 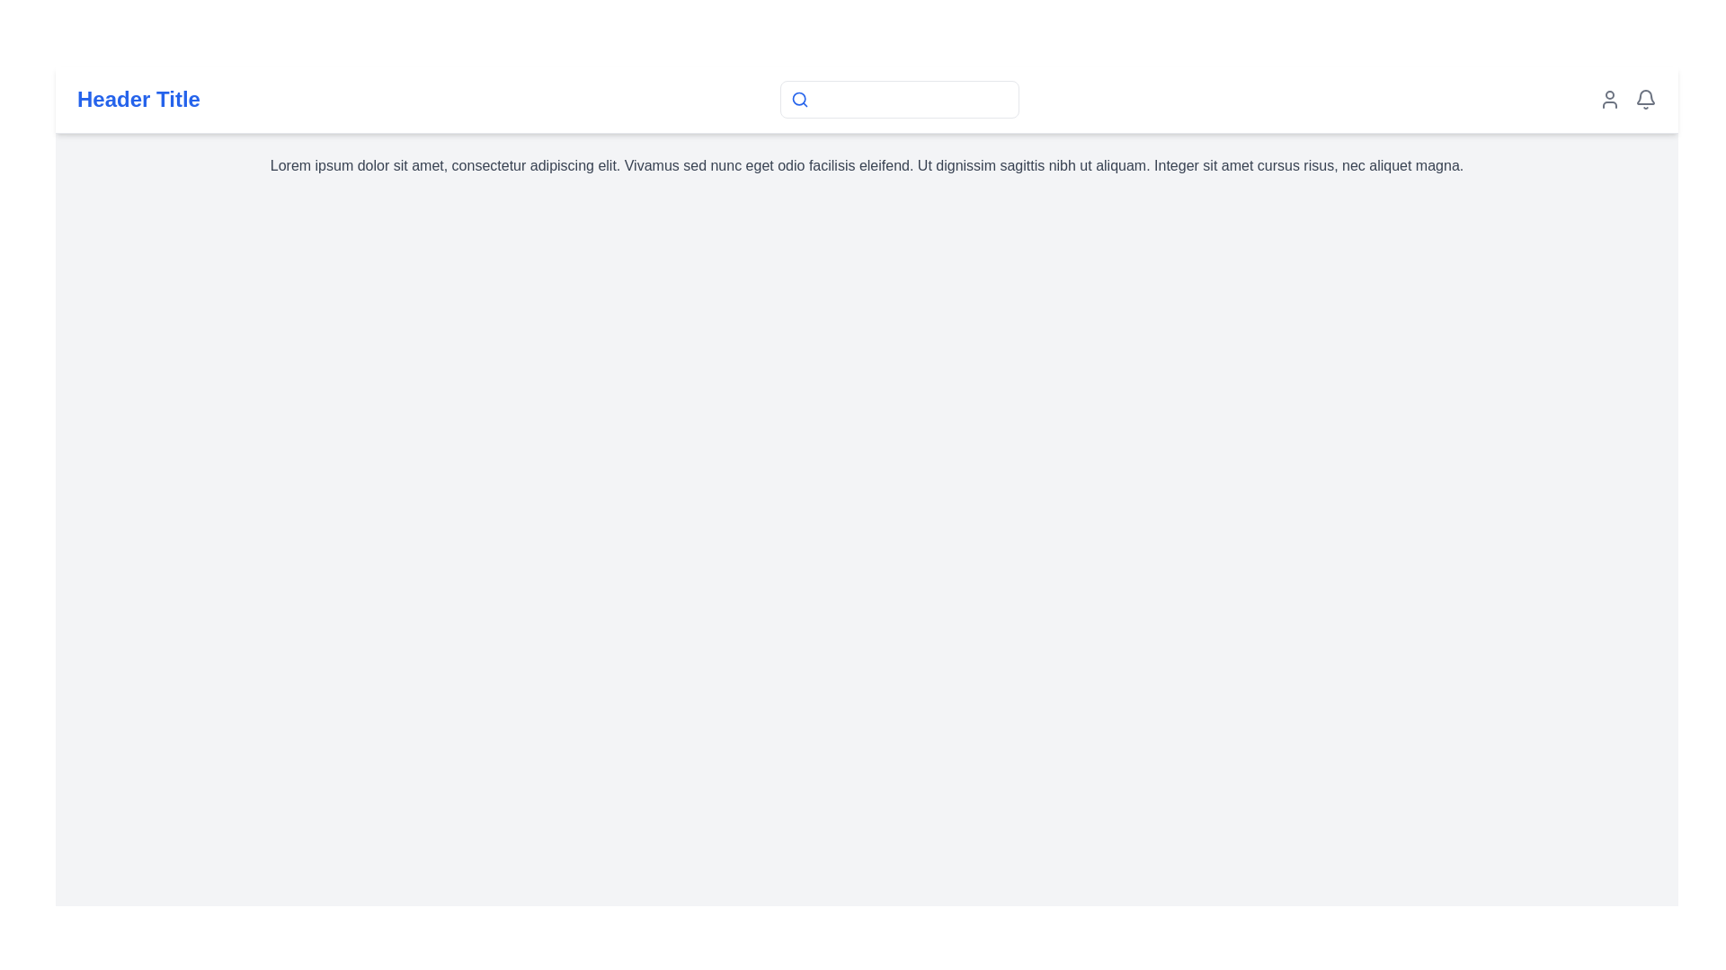 I want to click on the user-related features button located in the top-right corner of the header section to change its color for visual feedback, so click(x=1609, y=100).